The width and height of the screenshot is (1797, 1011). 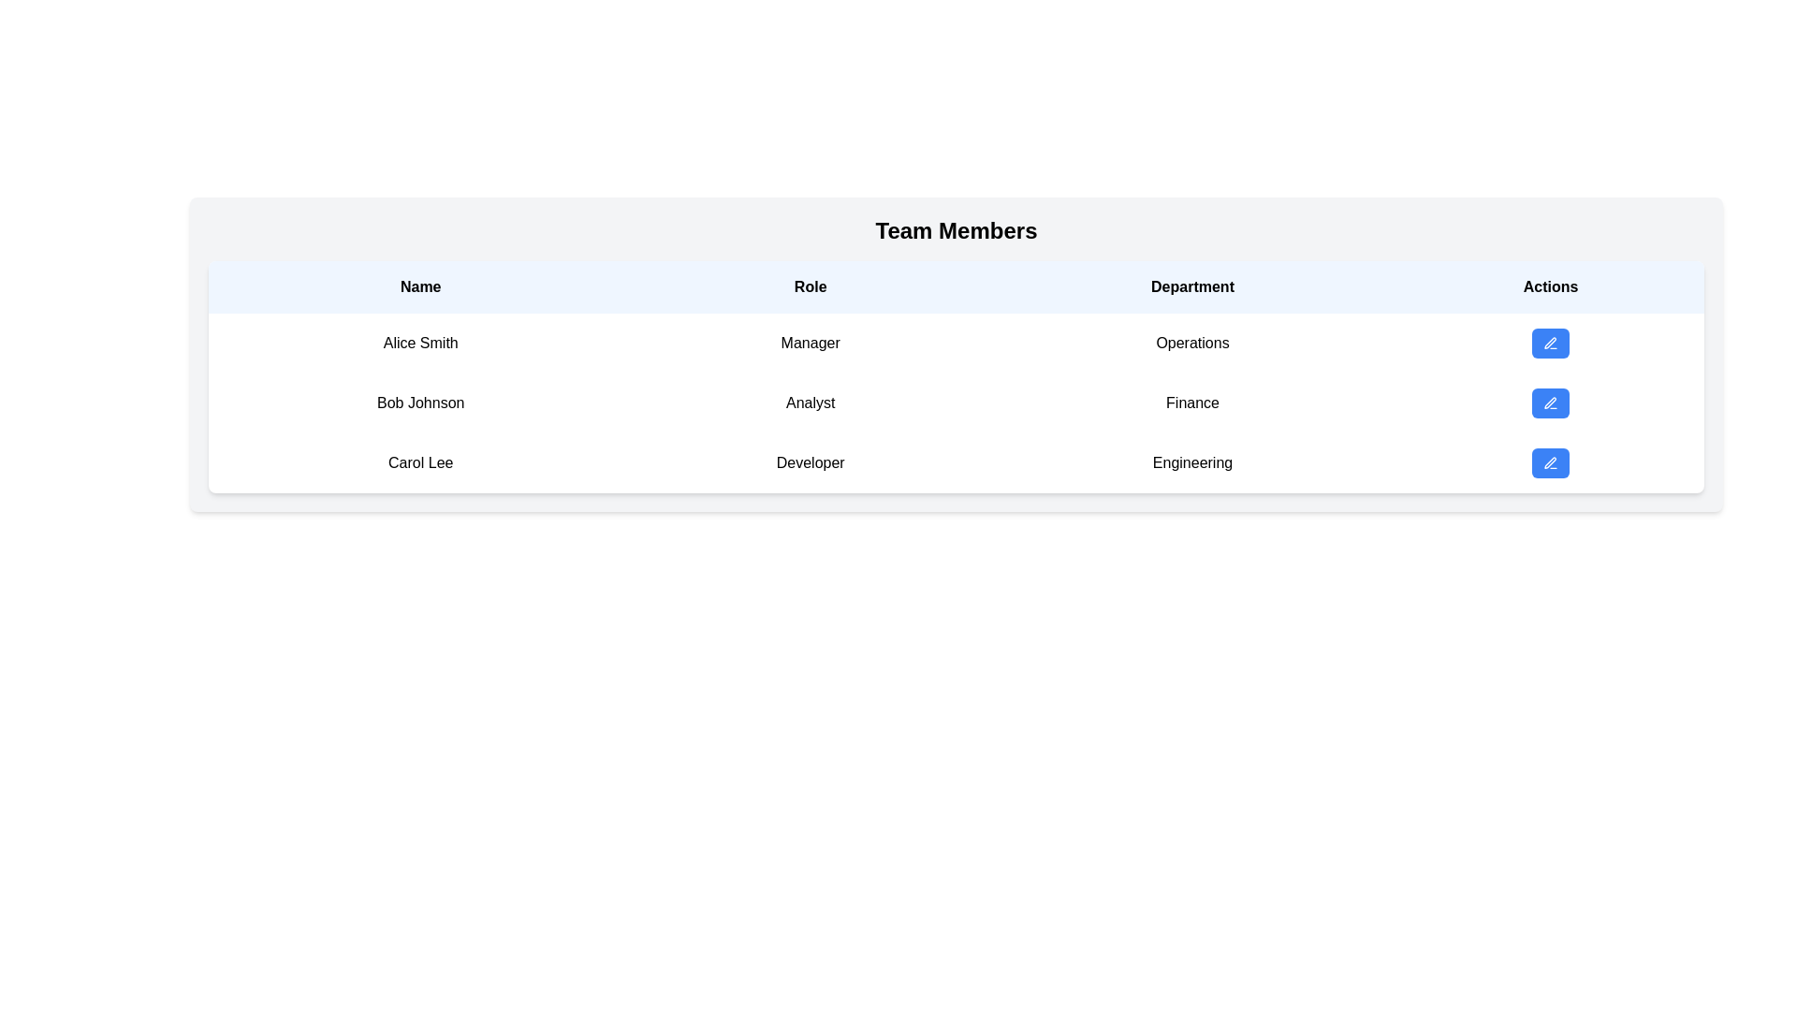 What do you see at coordinates (1550, 343) in the screenshot?
I see `the 'Edit' icon represented by a pen, located in the first button of the 'Actions' column for 'Alice Smith' in the 'Team Members' table` at bounding box center [1550, 343].